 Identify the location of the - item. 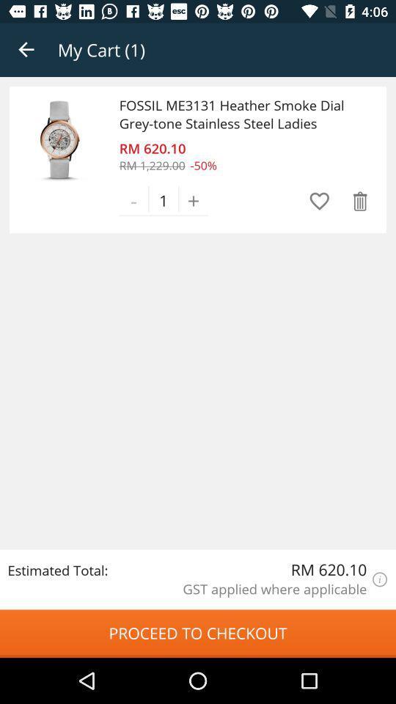
(133, 199).